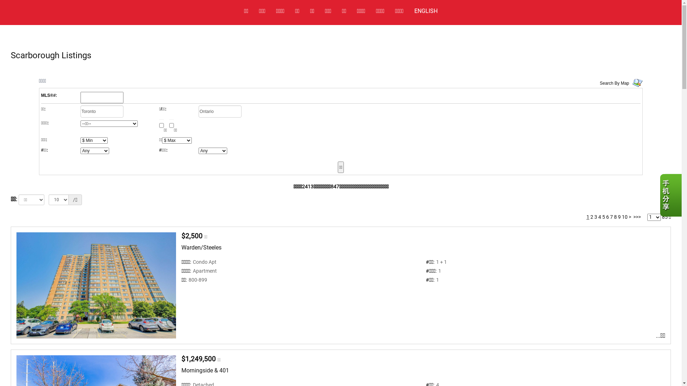 The width and height of the screenshot is (687, 386). What do you see at coordinates (603, 216) in the screenshot?
I see `'5'` at bounding box center [603, 216].